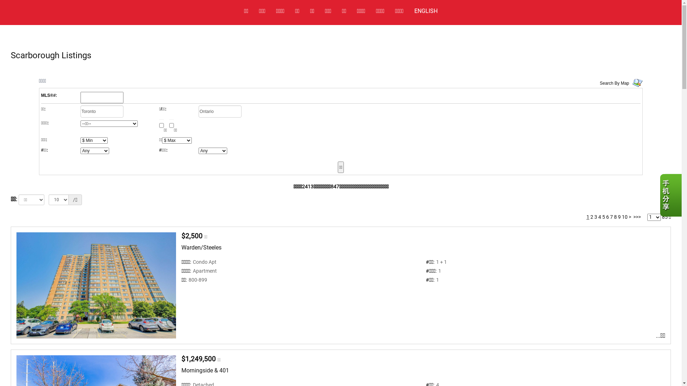 The width and height of the screenshot is (687, 386). What do you see at coordinates (603, 216) in the screenshot?
I see `'5'` at bounding box center [603, 216].